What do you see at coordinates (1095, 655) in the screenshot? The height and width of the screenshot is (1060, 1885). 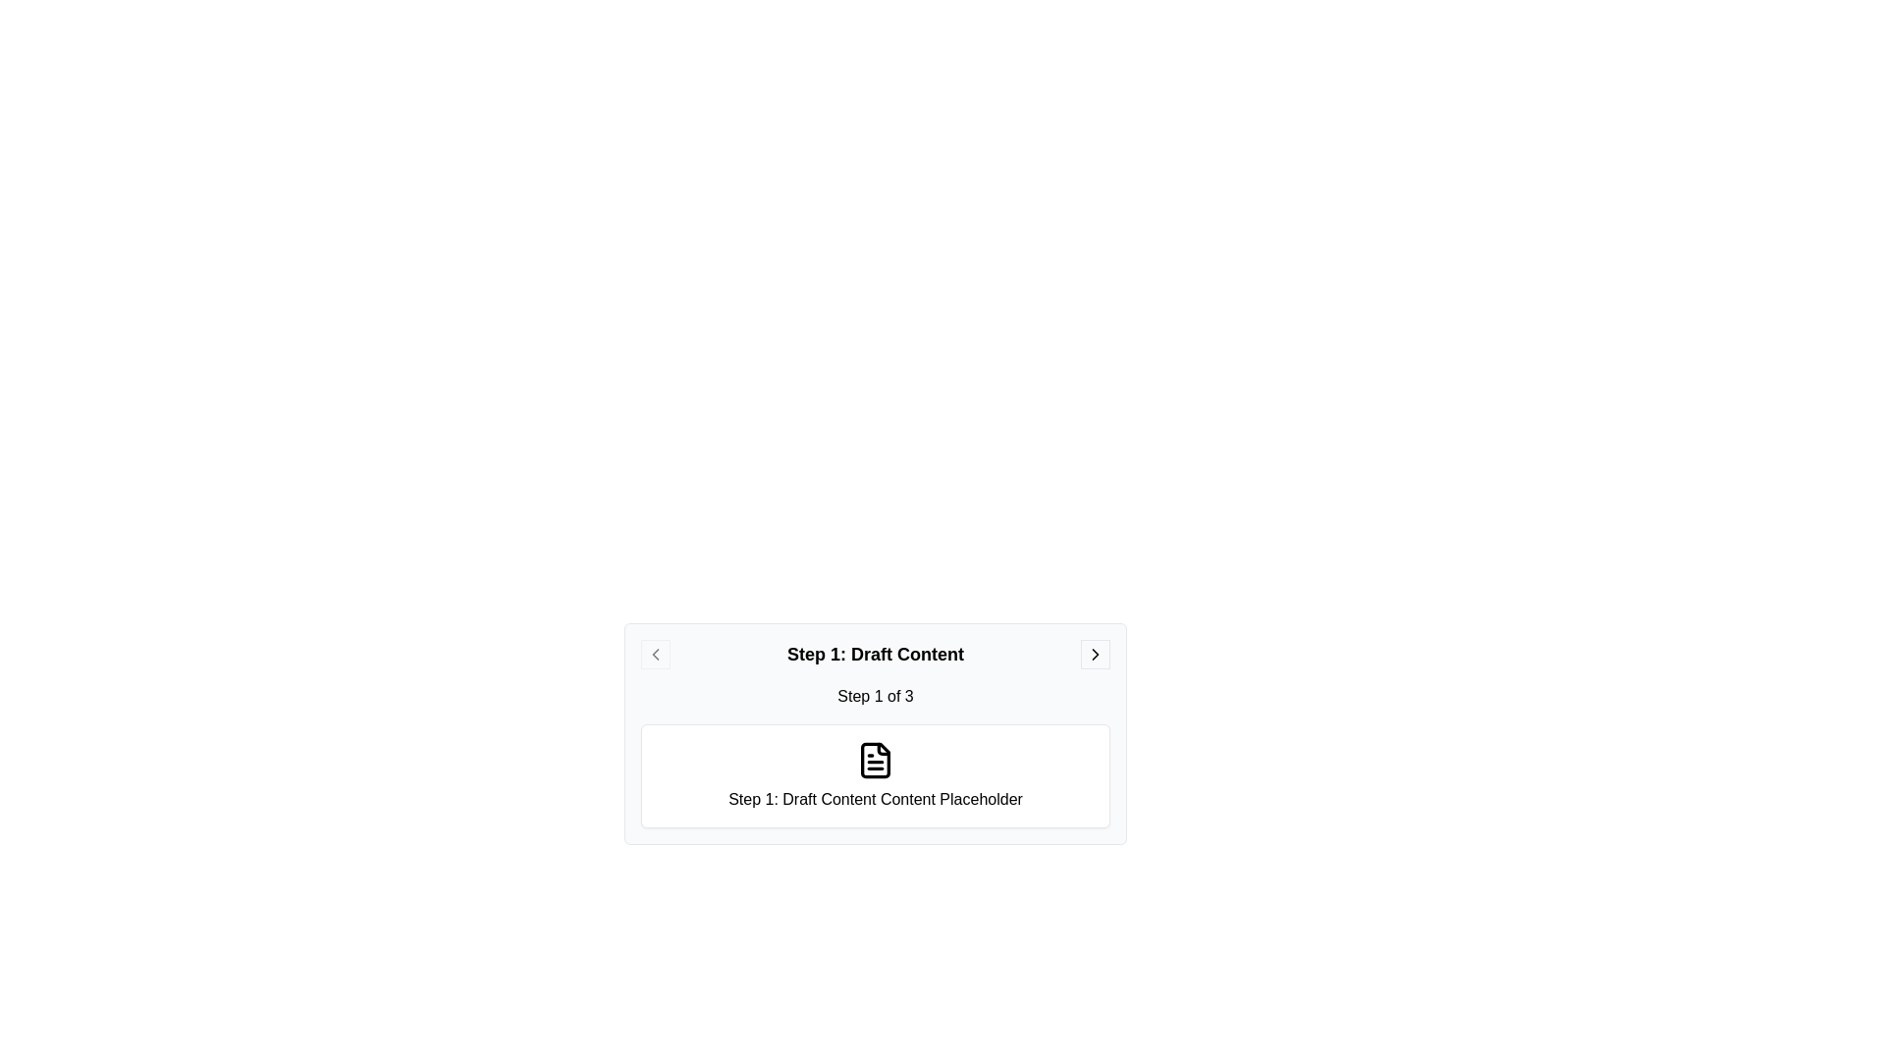 I see `the 'Next' button to navigate to the next step` at bounding box center [1095, 655].